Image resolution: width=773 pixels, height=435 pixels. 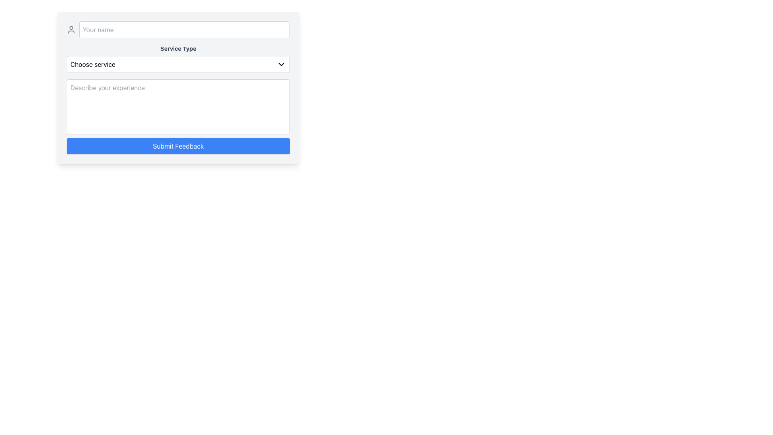 What do you see at coordinates (178, 146) in the screenshot?
I see `the feedback submission button located at the bottom of the form` at bounding box center [178, 146].